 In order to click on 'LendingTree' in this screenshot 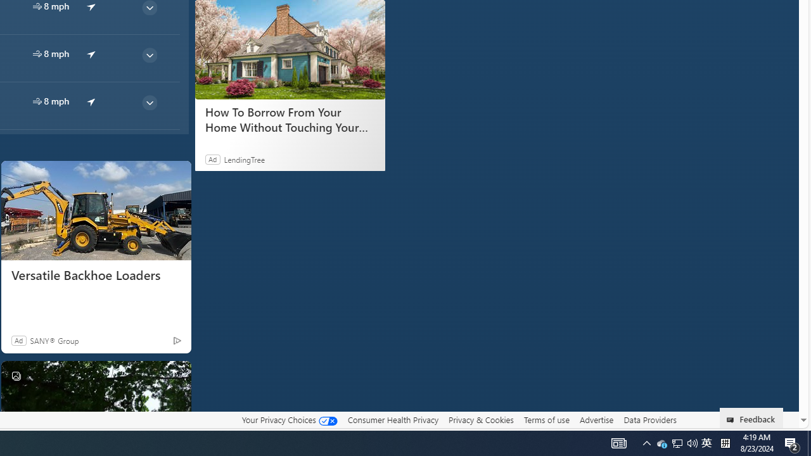, I will do `click(244, 158)`.